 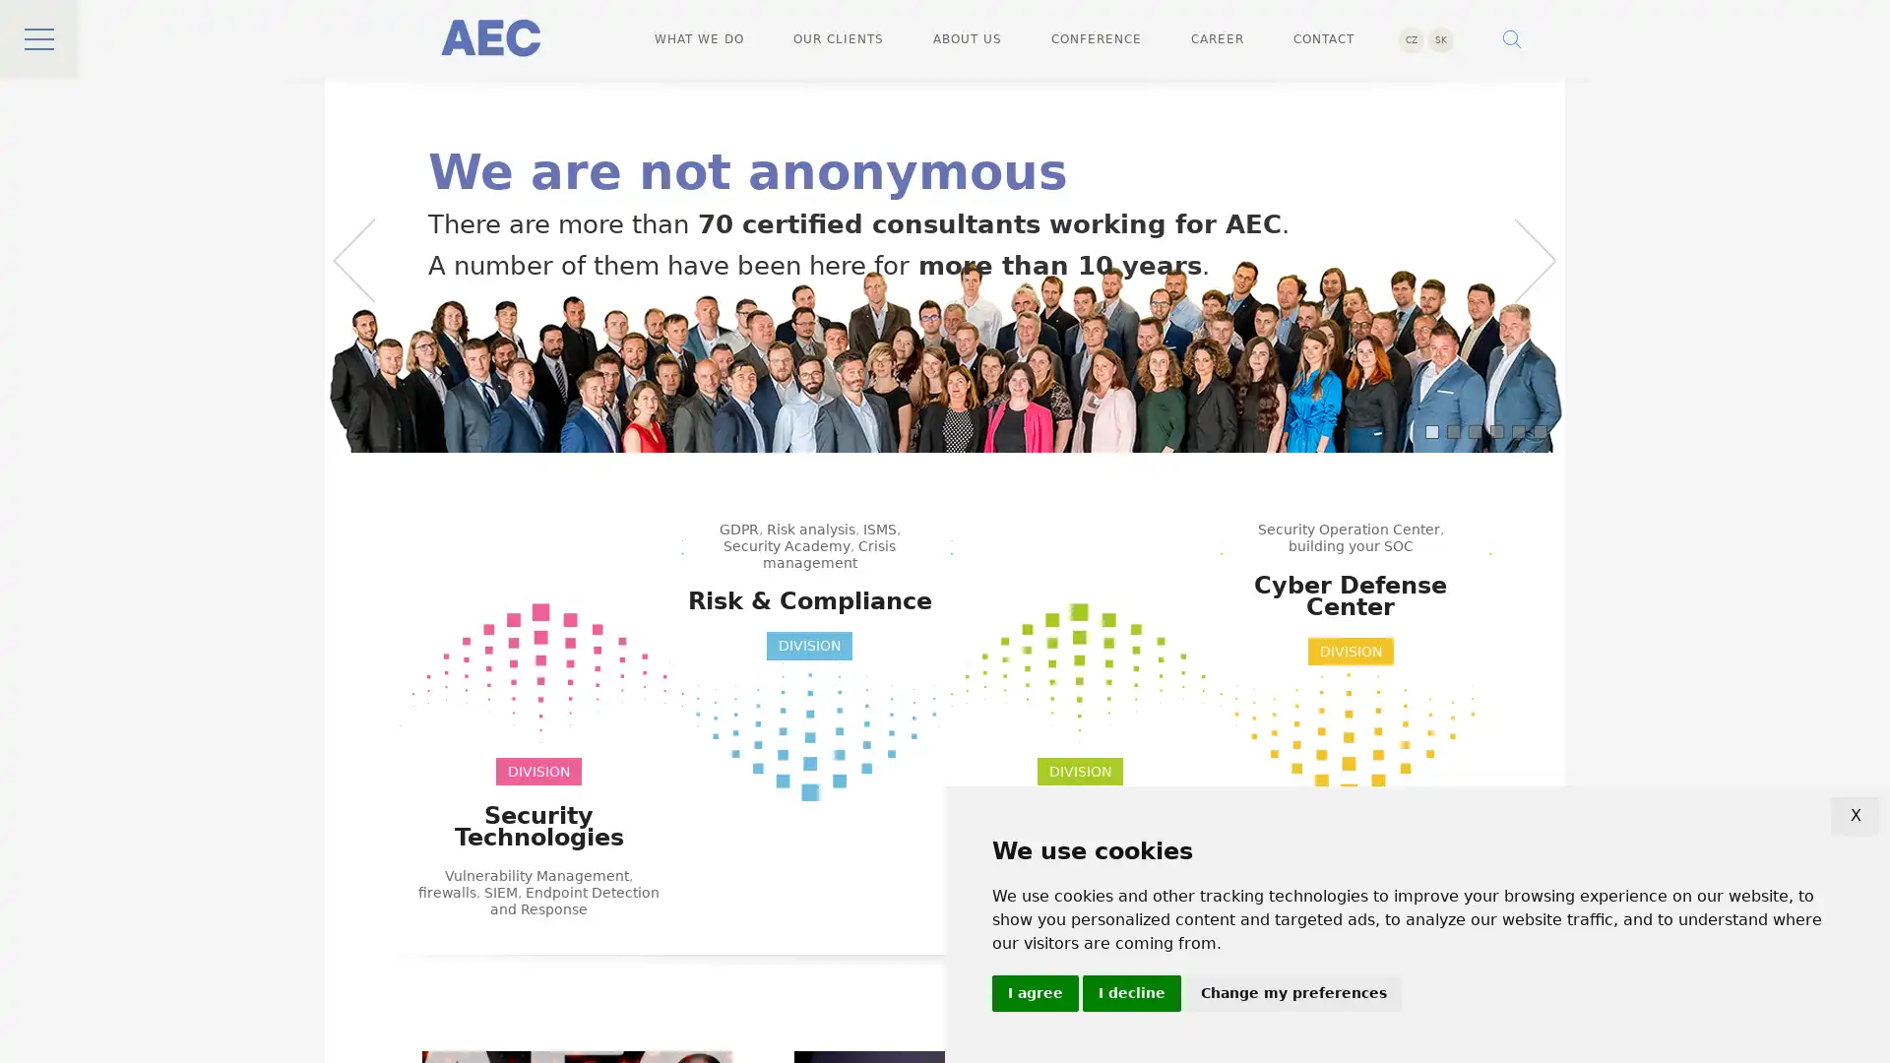 What do you see at coordinates (1855, 816) in the screenshot?
I see `X` at bounding box center [1855, 816].